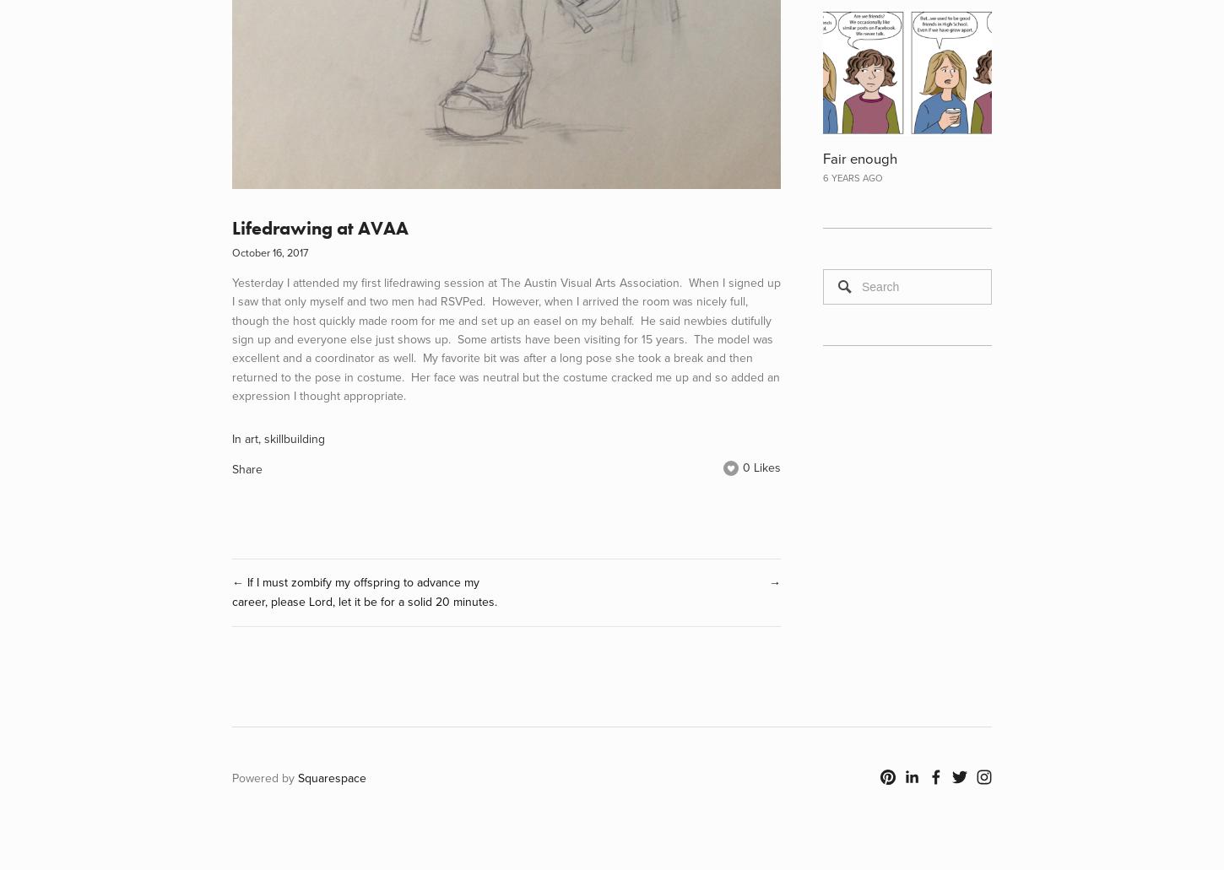  What do you see at coordinates (506, 338) in the screenshot?
I see `'Yesterday I attended my first lifedrawing session at The Austin Visual Arts Association.  When I signed up I saw that only myself and two men had RSVPed.  However, when I arrived the room was nicely full, though the host quickly made room for me and set up an easel on my behalf.  He said newbies dutifully sign up and everyone else just shows up.  Some artists have been visiting for 15 years.  The model was excellent and a coordinator as well.  My favorite bit was after a long pose she took a break and then returned to the pose in costume.  Her face was neutral but the costume cracked me up and so added an expression I thought appropriate.'` at bounding box center [506, 338].